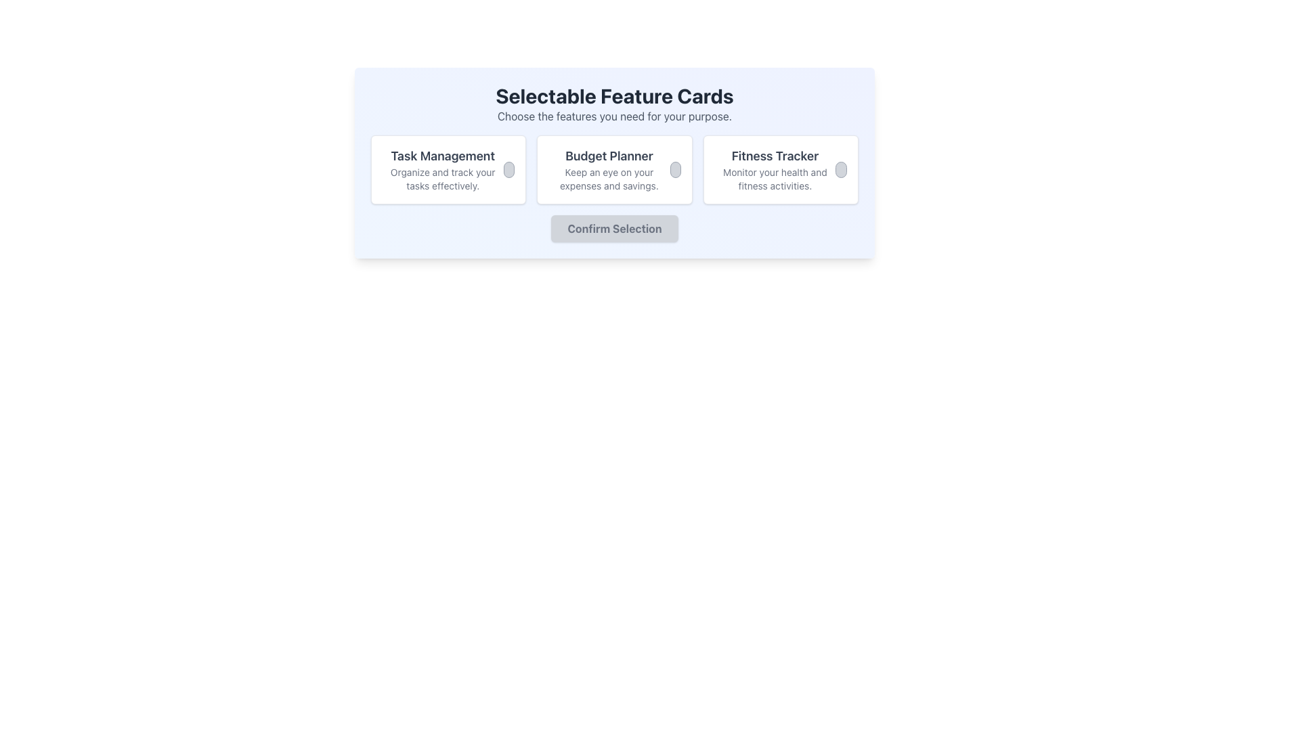 The width and height of the screenshot is (1300, 731). Describe the element at coordinates (443, 156) in the screenshot. I see `the text label that reads 'Task Management,' which is prominently displayed at the top of its card with a larger font size and bold weight` at that location.